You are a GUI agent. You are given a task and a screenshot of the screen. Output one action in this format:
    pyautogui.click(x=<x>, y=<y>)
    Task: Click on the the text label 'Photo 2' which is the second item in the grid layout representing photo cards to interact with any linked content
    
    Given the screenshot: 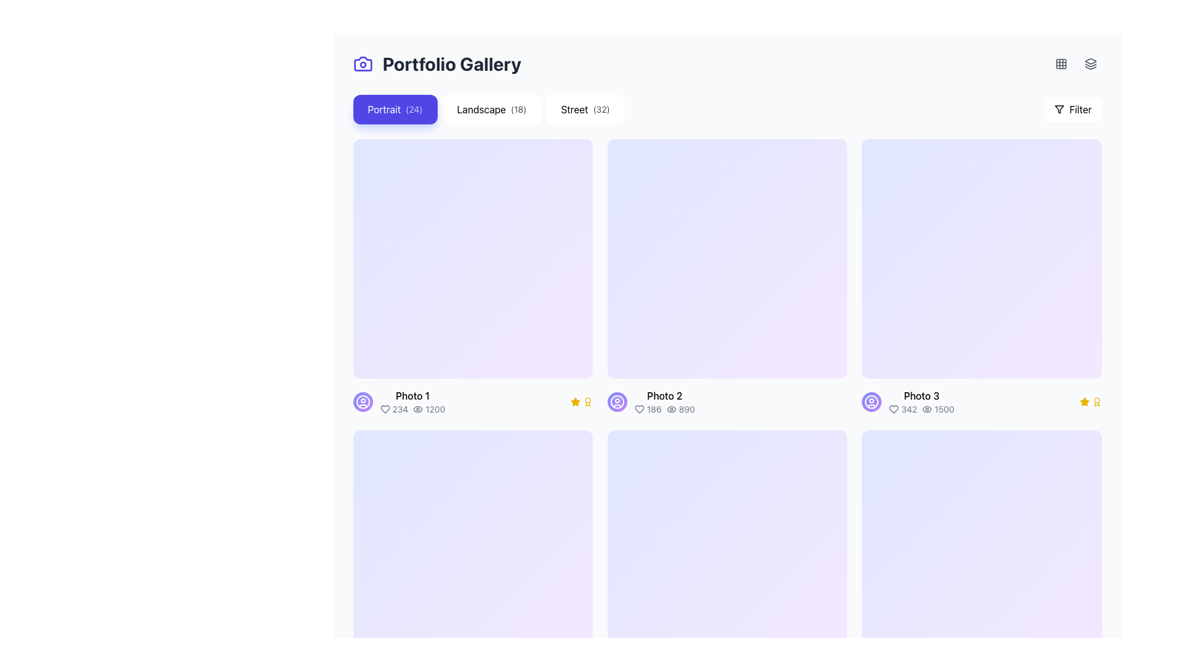 What is the action you would take?
    pyautogui.click(x=664, y=401)
    